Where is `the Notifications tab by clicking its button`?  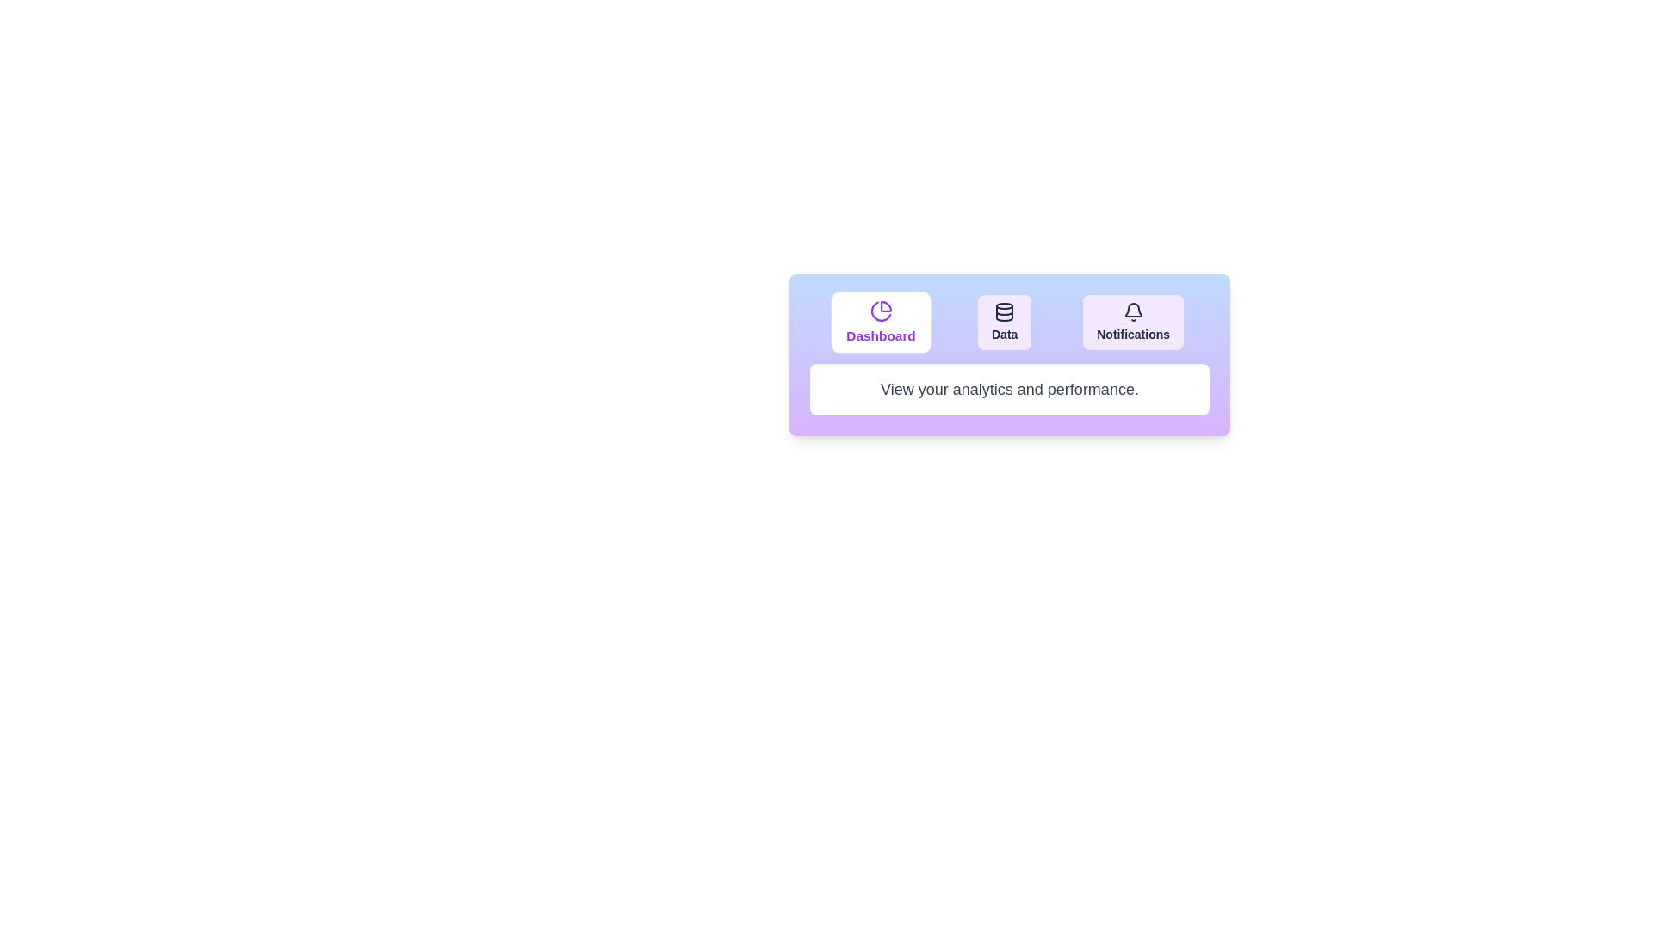
the Notifications tab by clicking its button is located at coordinates (1133, 322).